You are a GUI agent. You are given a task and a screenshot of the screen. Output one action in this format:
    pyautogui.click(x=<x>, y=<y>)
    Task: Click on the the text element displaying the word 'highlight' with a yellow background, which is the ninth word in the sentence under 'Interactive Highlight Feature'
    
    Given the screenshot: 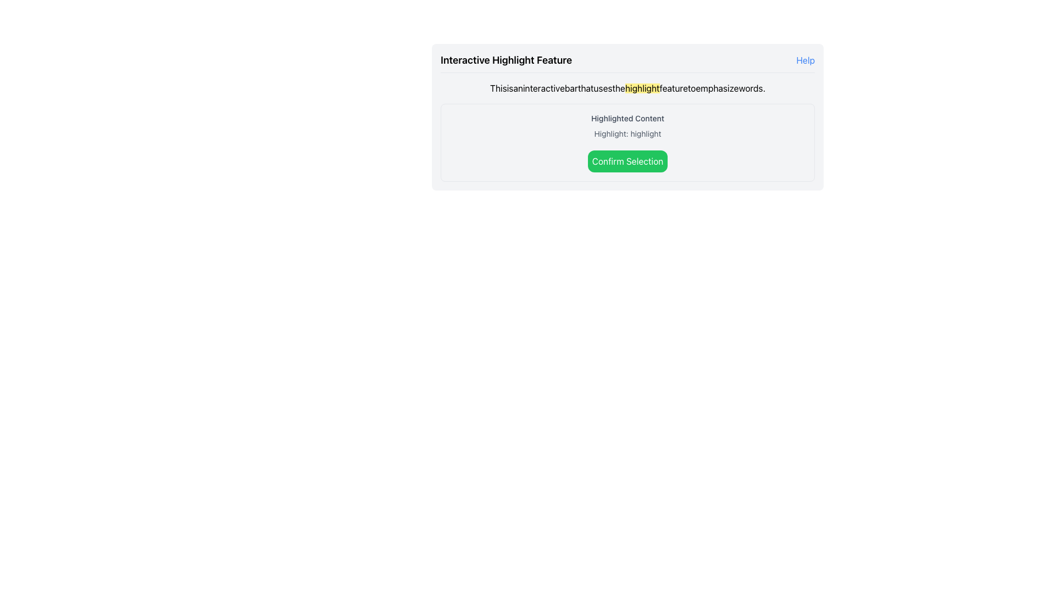 What is the action you would take?
    pyautogui.click(x=642, y=88)
    